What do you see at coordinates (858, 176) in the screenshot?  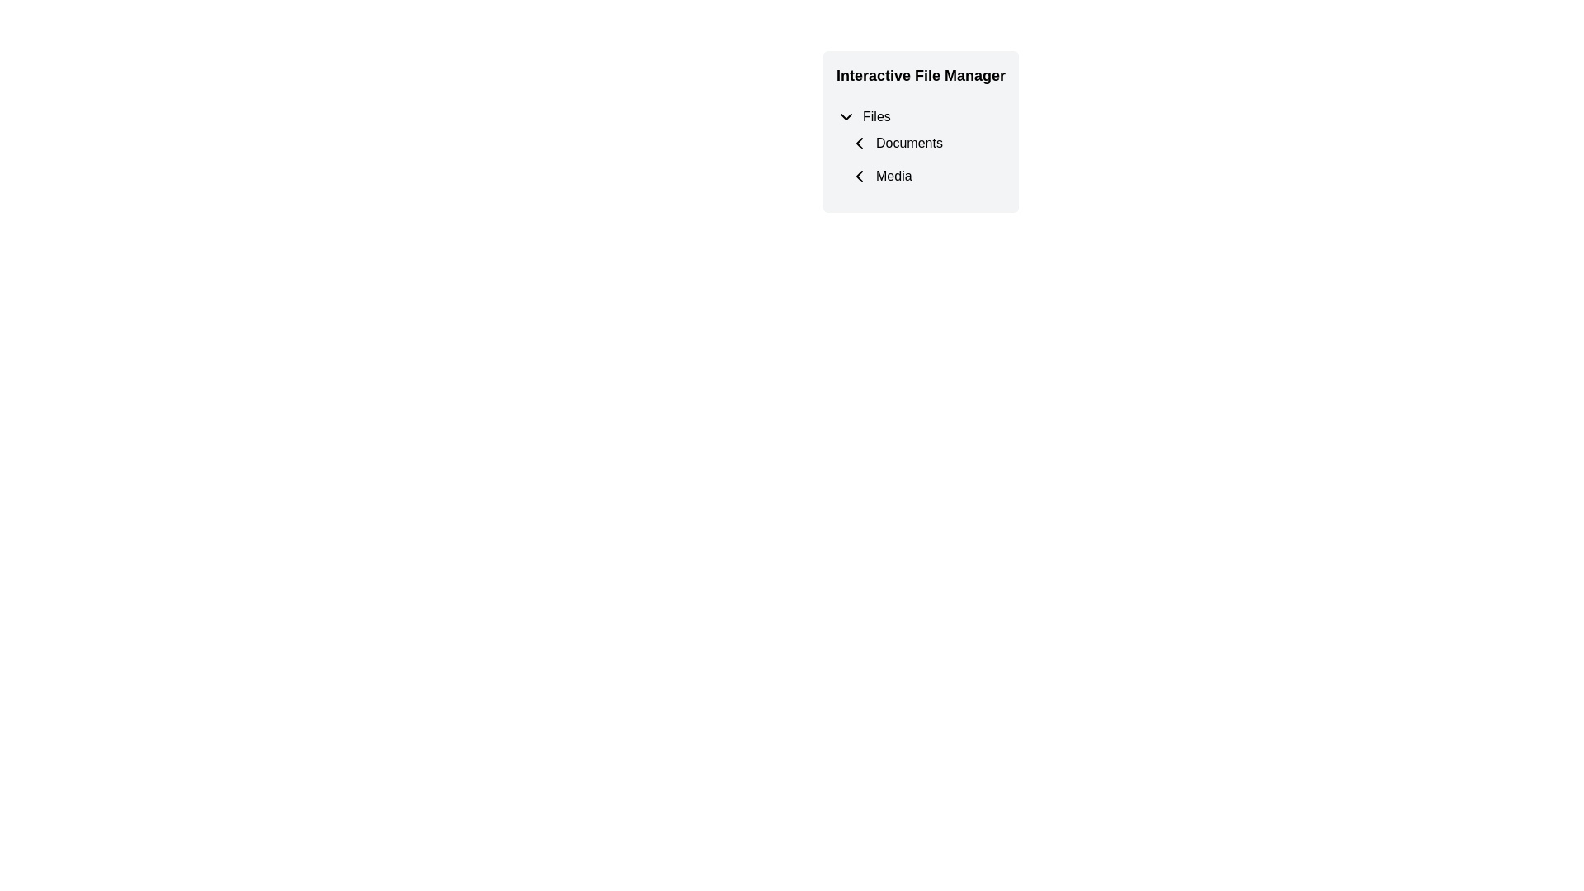 I see `the expandable icon located to the immediate left of the 'Media' text label` at bounding box center [858, 176].